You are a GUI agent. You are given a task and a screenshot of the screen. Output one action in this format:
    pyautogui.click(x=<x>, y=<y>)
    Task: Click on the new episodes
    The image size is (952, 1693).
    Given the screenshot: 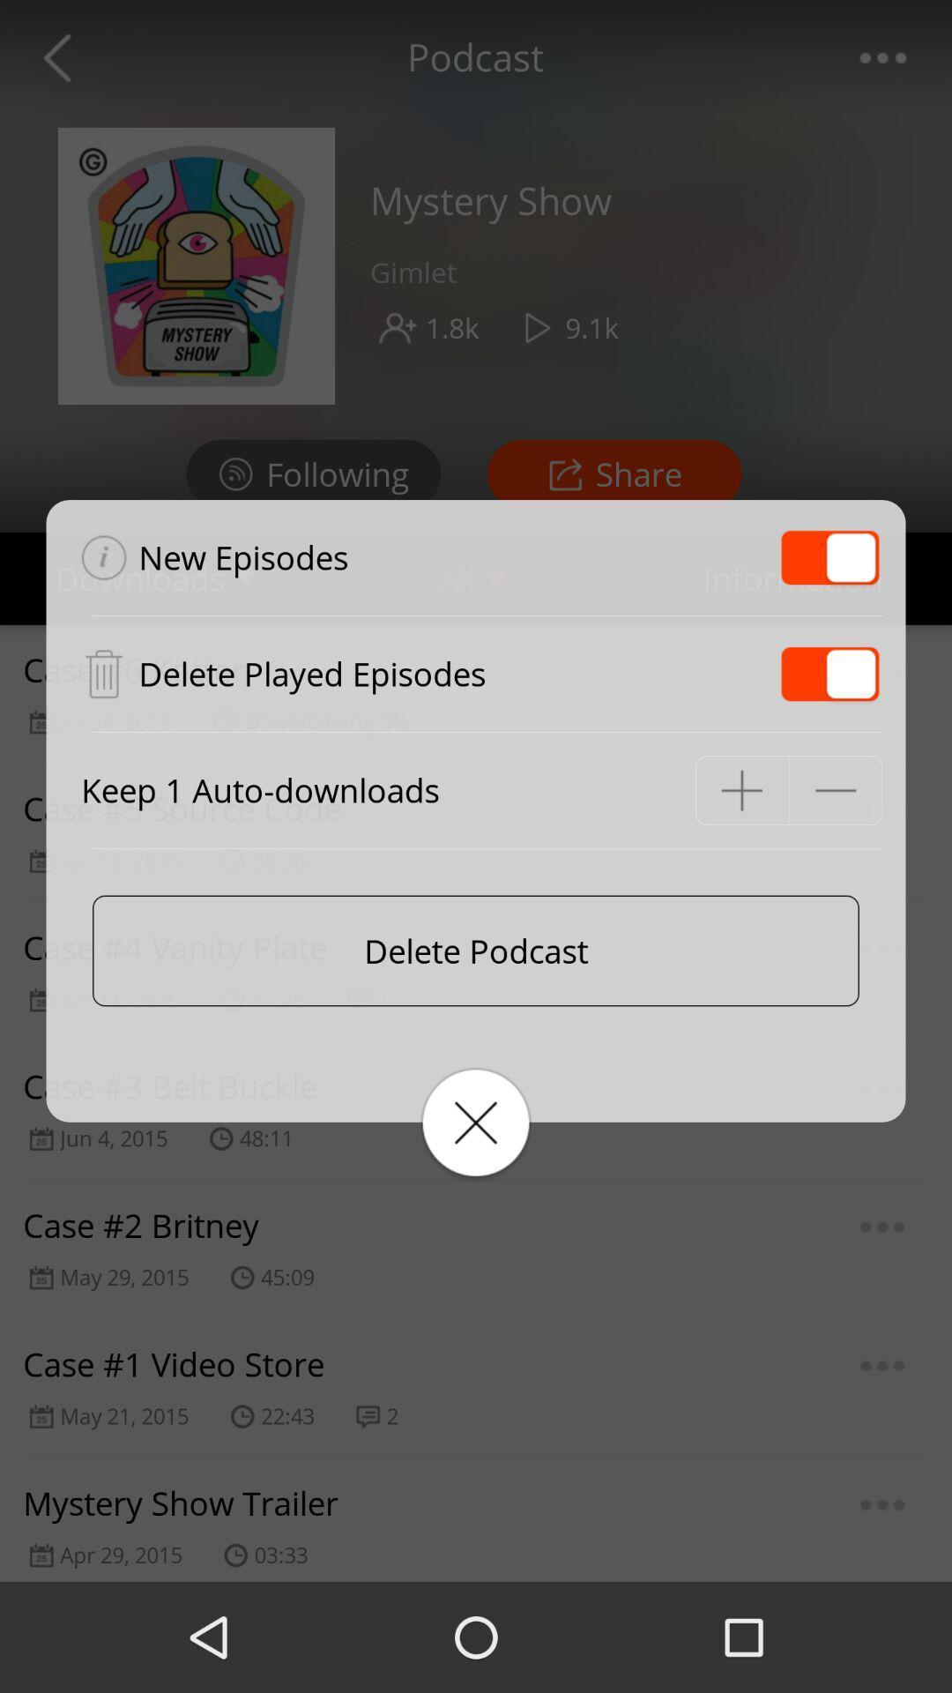 What is the action you would take?
    pyautogui.click(x=829, y=556)
    